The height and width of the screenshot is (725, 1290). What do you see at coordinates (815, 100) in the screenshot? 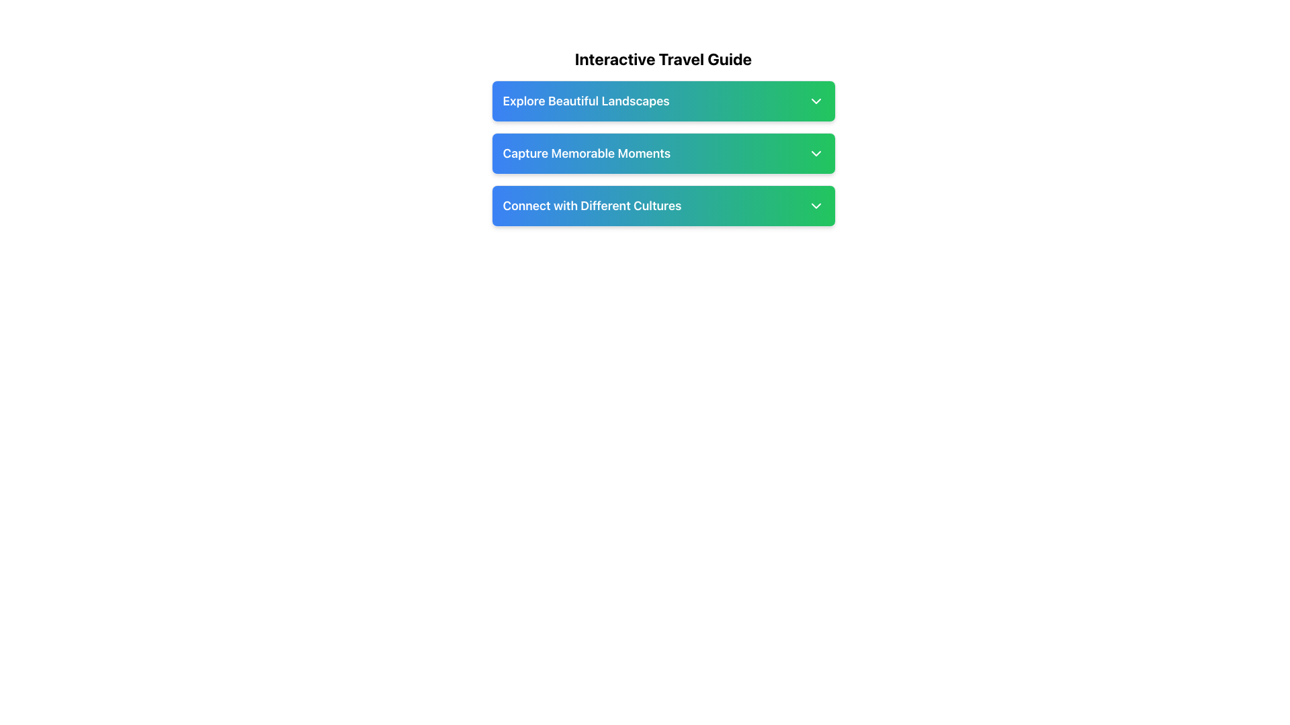
I see `the chevron down icon located at the right end of the 'Explore Beautiful Landscapes' button` at bounding box center [815, 100].